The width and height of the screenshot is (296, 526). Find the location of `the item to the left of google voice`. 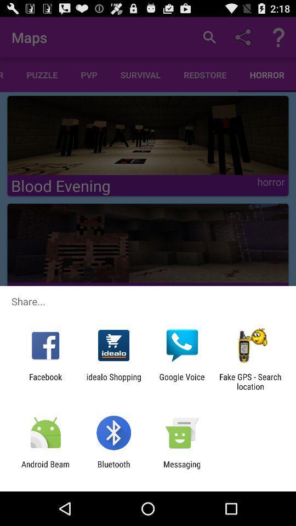

the item to the left of google voice is located at coordinates (113, 381).